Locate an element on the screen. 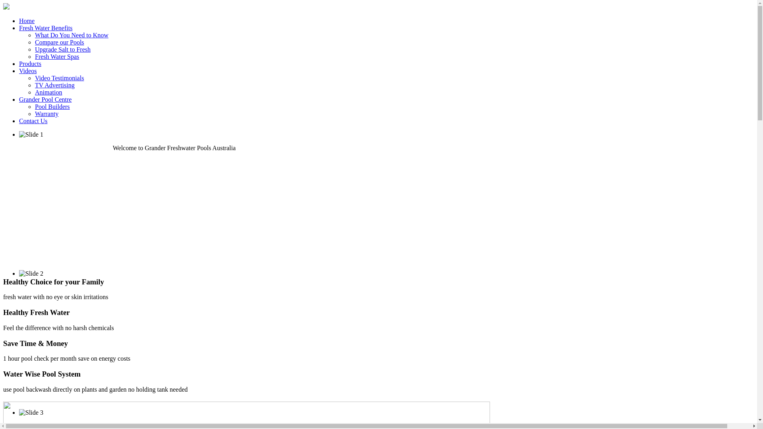 This screenshot has height=429, width=763. 'Pool Builders' is located at coordinates (52, 106).